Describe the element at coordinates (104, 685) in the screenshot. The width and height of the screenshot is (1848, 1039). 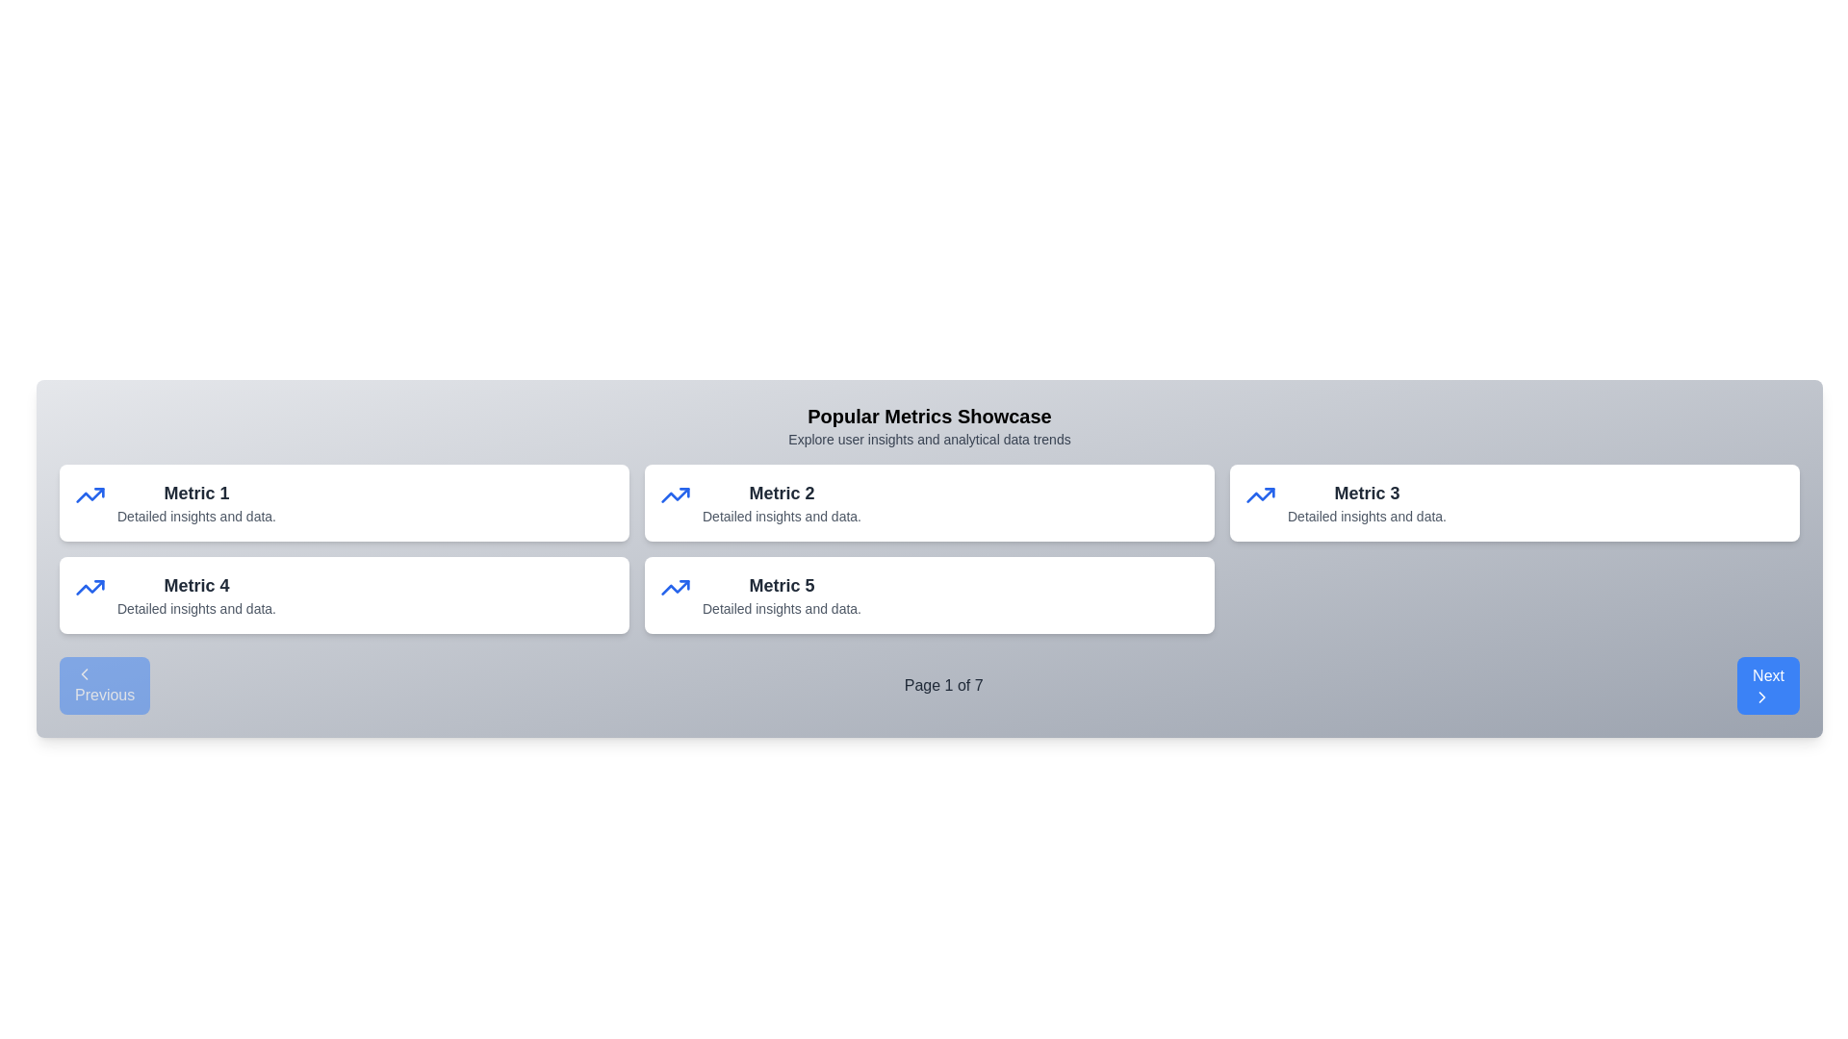
I see `the previous page navigation button located in the bottom left corner of the navigation bar to trigger hover effects` at that location.